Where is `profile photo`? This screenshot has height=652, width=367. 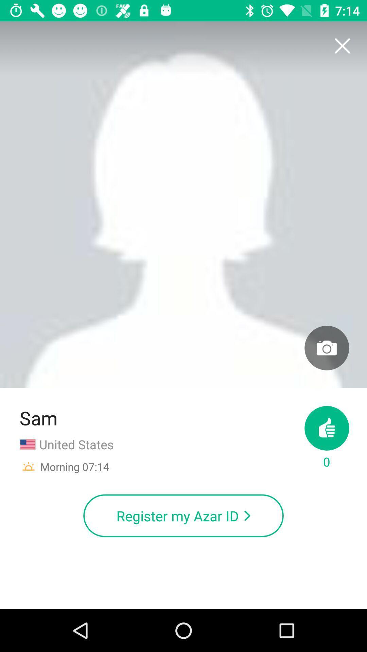
profile photo is located at coordinates (326, 348).